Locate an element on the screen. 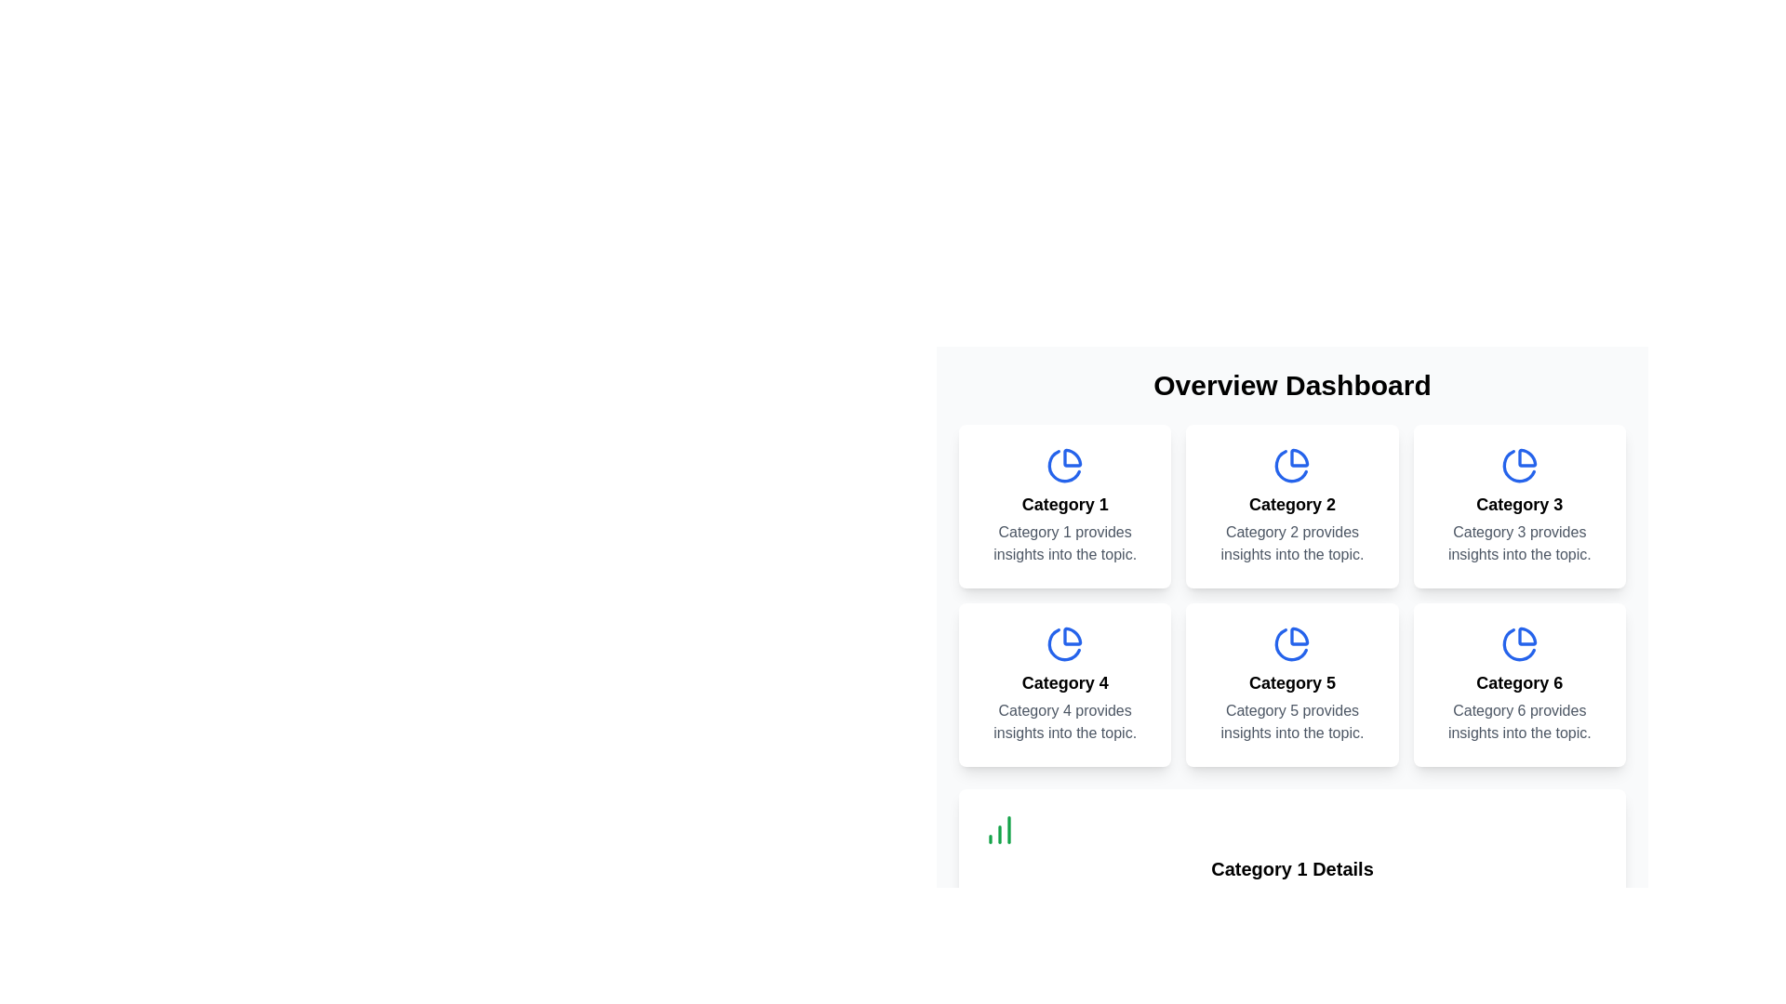 This screenshot has width=1786, height=1004. the title text label for the card labeled 'Category 4' in the second row and first column of the grid is located at coordinates (1065, 683).